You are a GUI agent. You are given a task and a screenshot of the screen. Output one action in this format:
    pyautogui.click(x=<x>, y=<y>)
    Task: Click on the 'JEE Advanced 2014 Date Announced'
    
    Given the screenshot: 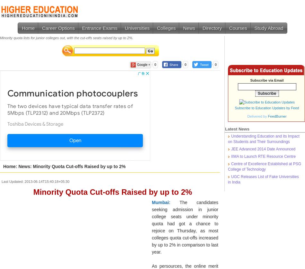 What is the action you would take?
    pyautogui.click(x=263, y=149)
    